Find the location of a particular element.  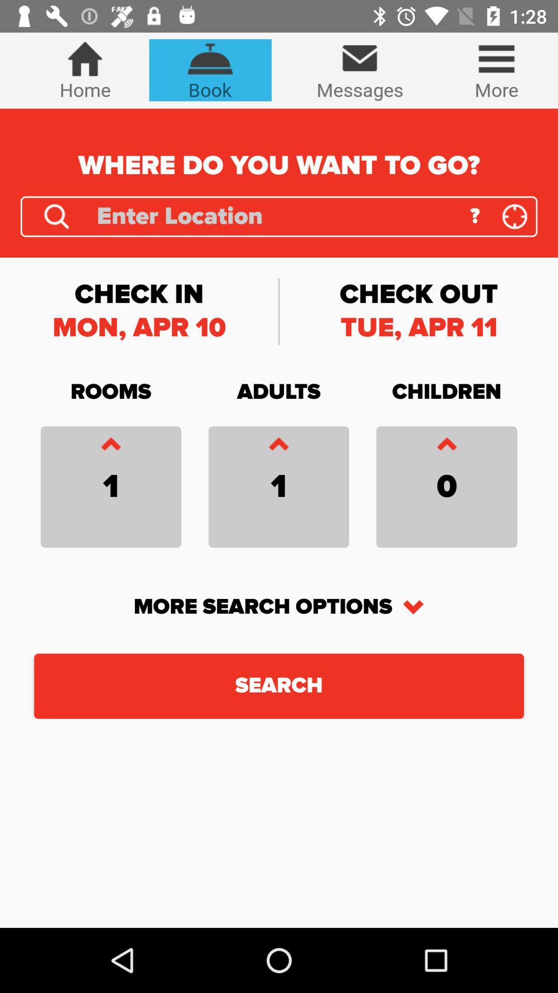

the font icon is located at coordinates (111, 446).